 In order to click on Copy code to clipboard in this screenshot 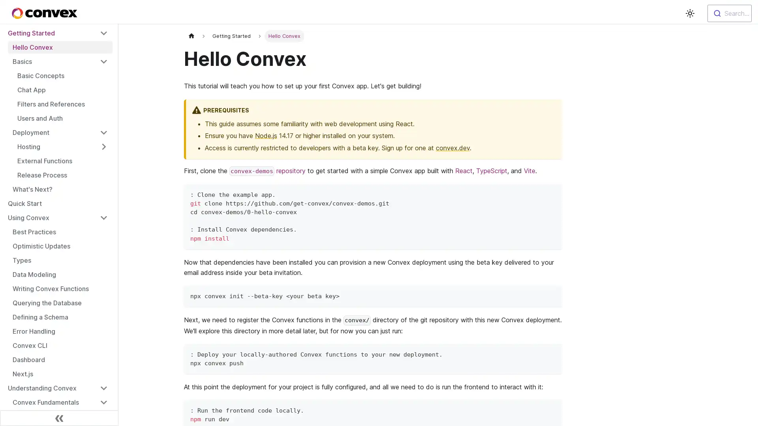, I will do `click(552, 295)`.